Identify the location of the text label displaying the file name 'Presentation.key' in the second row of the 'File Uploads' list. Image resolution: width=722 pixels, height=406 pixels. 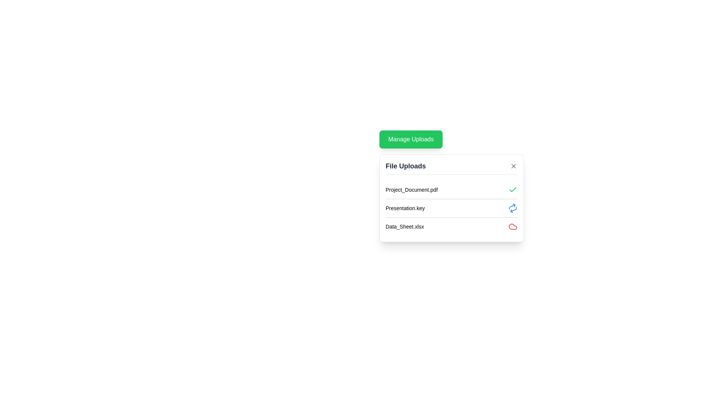
(405, 208).